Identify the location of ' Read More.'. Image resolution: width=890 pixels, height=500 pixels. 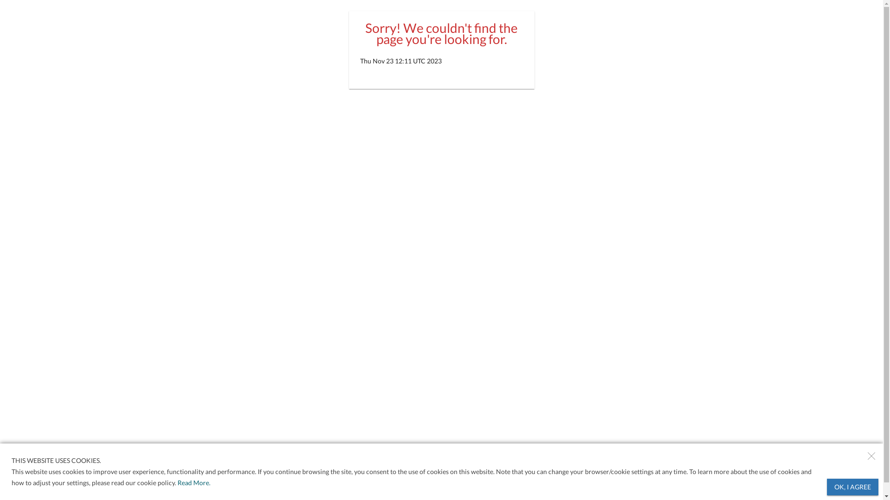
(193, 482).